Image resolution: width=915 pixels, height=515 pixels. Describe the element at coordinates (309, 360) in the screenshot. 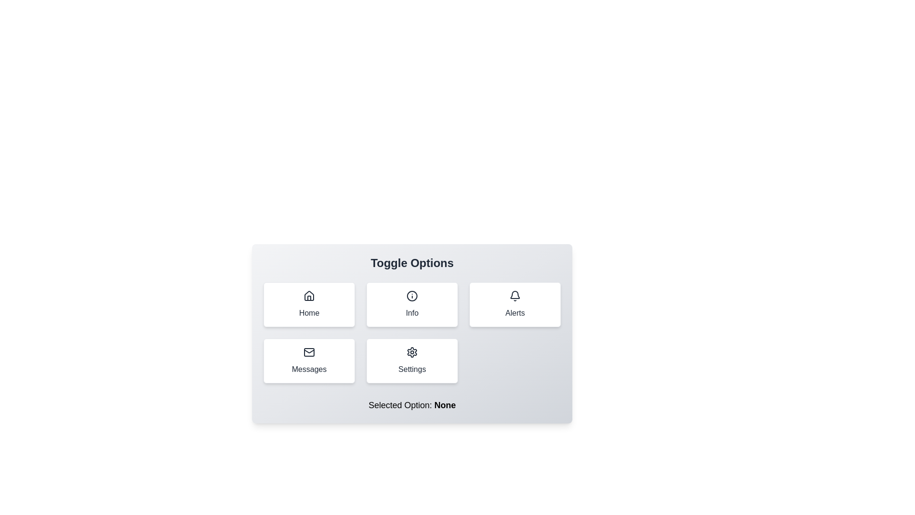

I see `the fourth tile button in the grid layout, which navigates to the 'Messages' section of the application` at that location.